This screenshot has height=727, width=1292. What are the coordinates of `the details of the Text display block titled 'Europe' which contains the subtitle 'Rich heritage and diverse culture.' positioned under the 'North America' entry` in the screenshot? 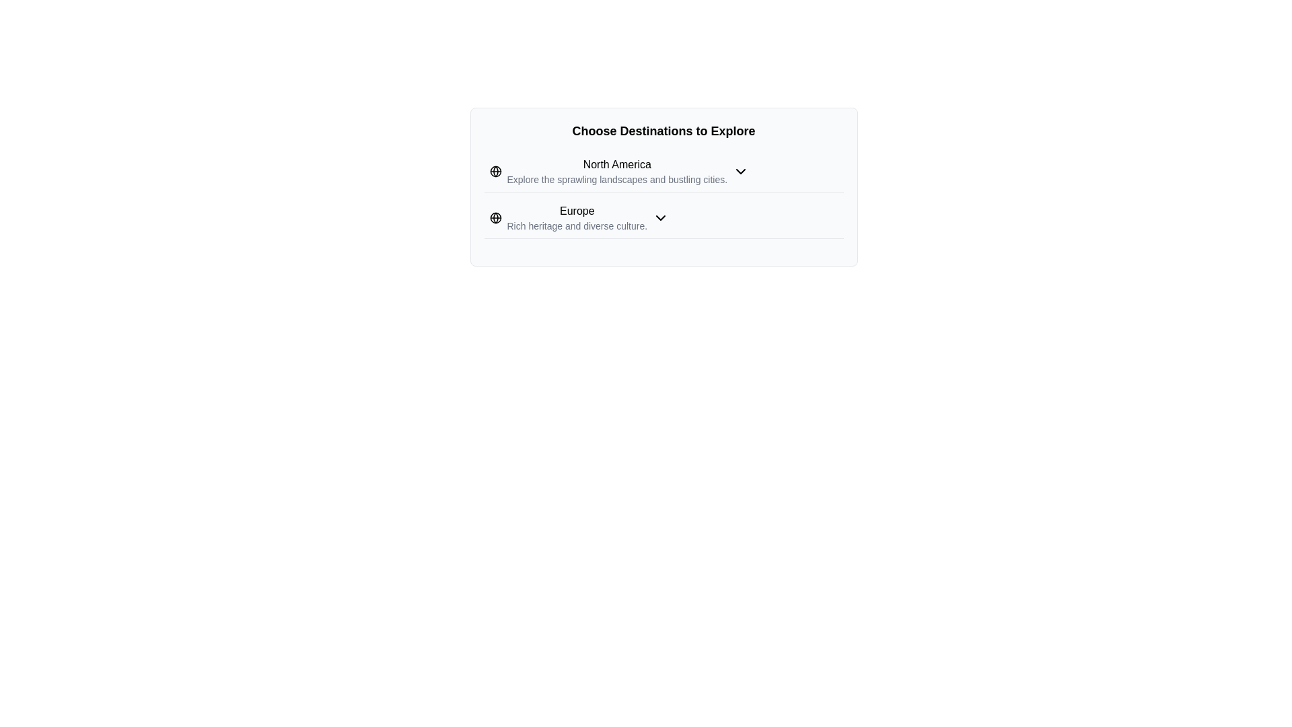 It's located at (577, 217).